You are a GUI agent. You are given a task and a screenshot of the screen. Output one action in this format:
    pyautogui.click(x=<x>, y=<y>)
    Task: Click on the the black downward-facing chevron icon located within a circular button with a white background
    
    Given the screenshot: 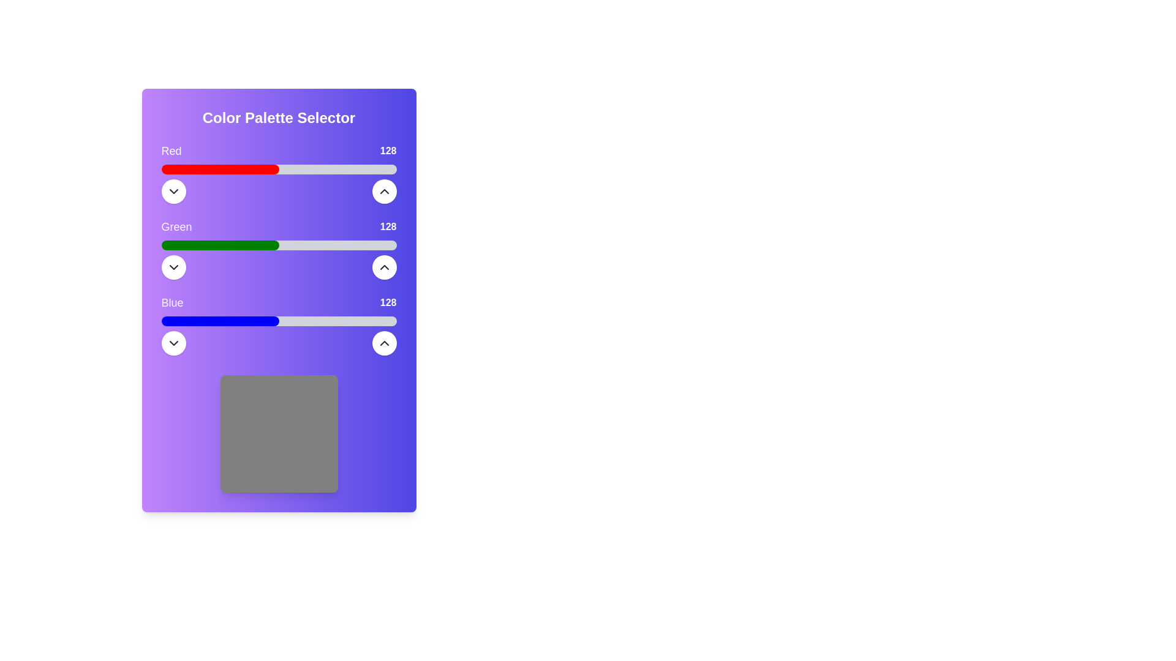 What is the action you would take?
    pyautogui.click(x=173, y=343)
    